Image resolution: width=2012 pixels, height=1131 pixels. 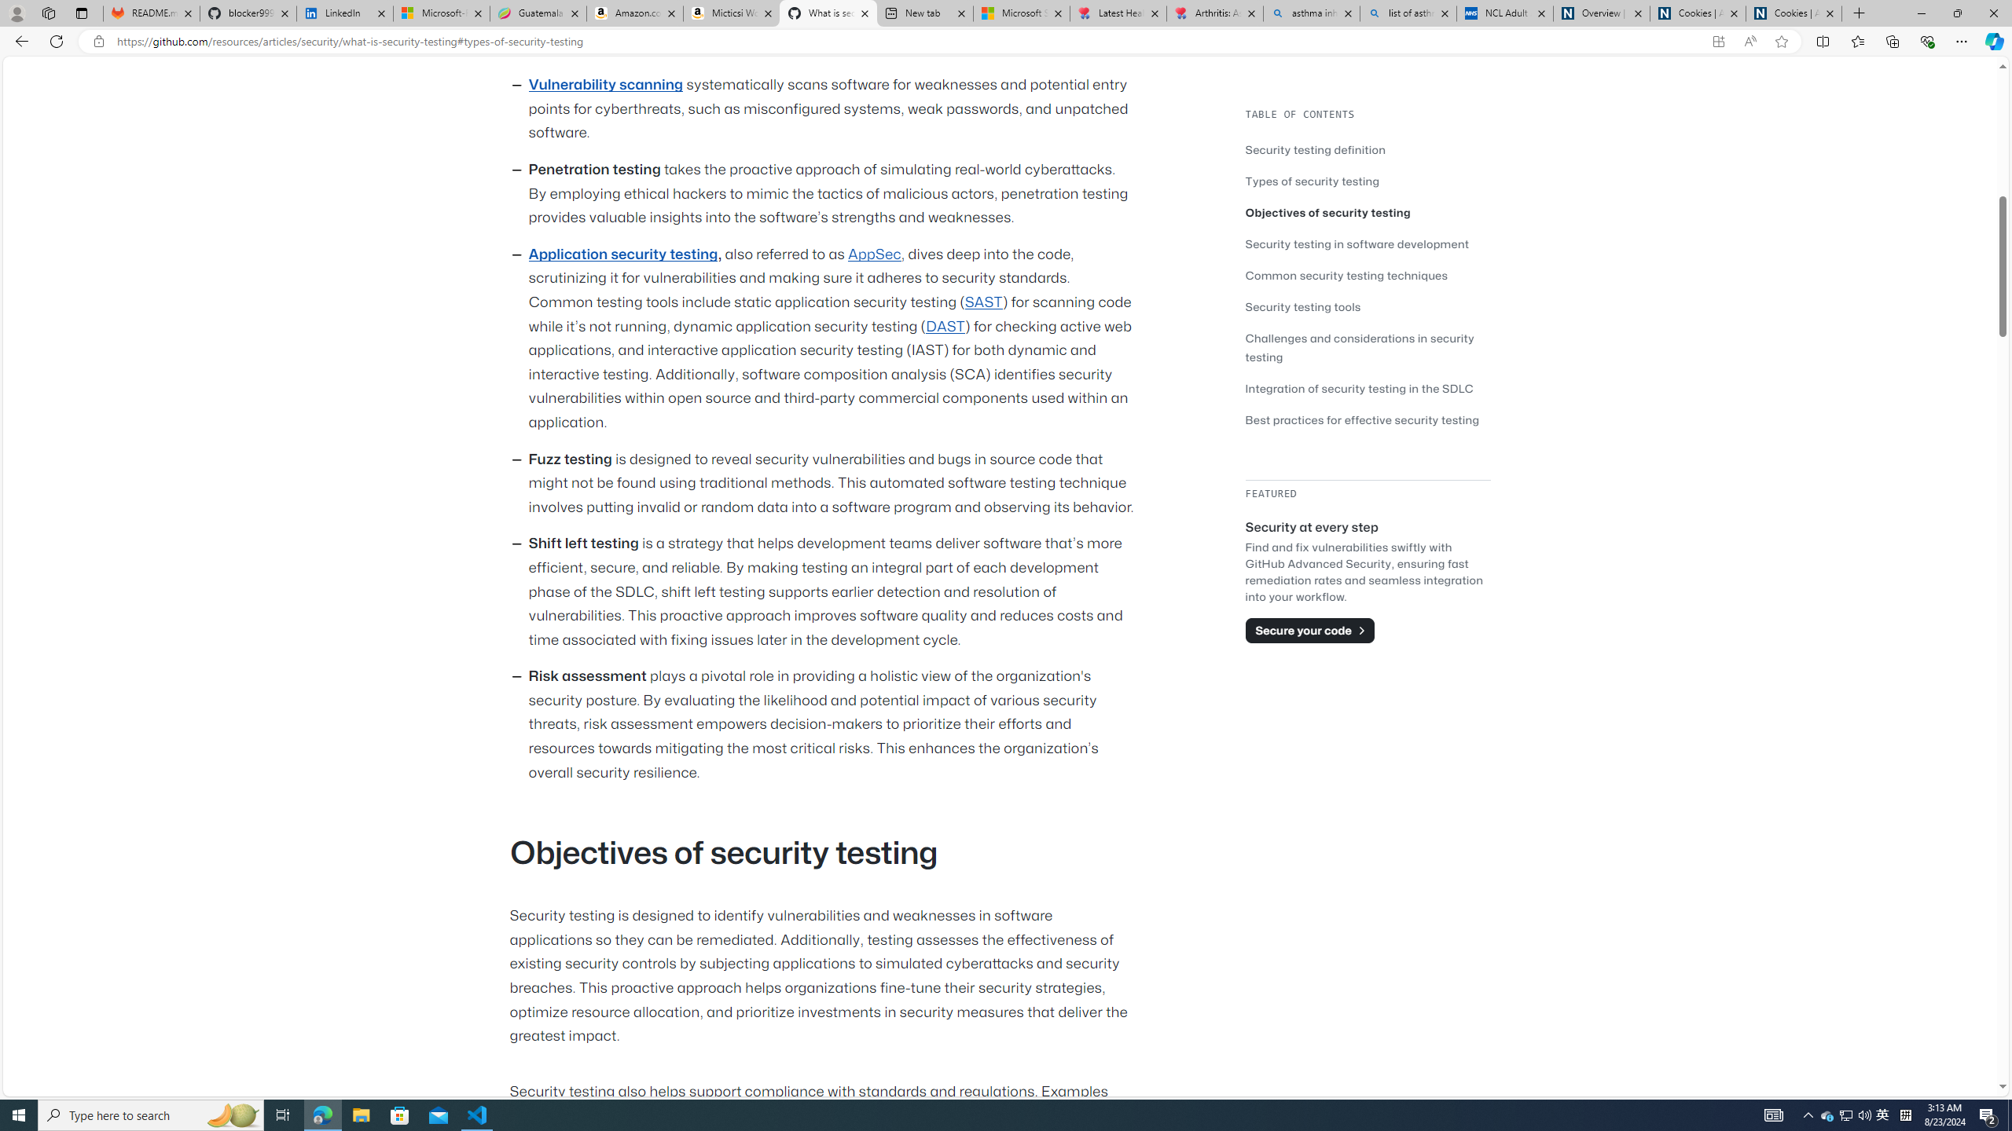 What do you see at coordinates (1327, 211) in the screenshot?
I see `'Objectives of security testing'` at bounding box center [1327, 211].